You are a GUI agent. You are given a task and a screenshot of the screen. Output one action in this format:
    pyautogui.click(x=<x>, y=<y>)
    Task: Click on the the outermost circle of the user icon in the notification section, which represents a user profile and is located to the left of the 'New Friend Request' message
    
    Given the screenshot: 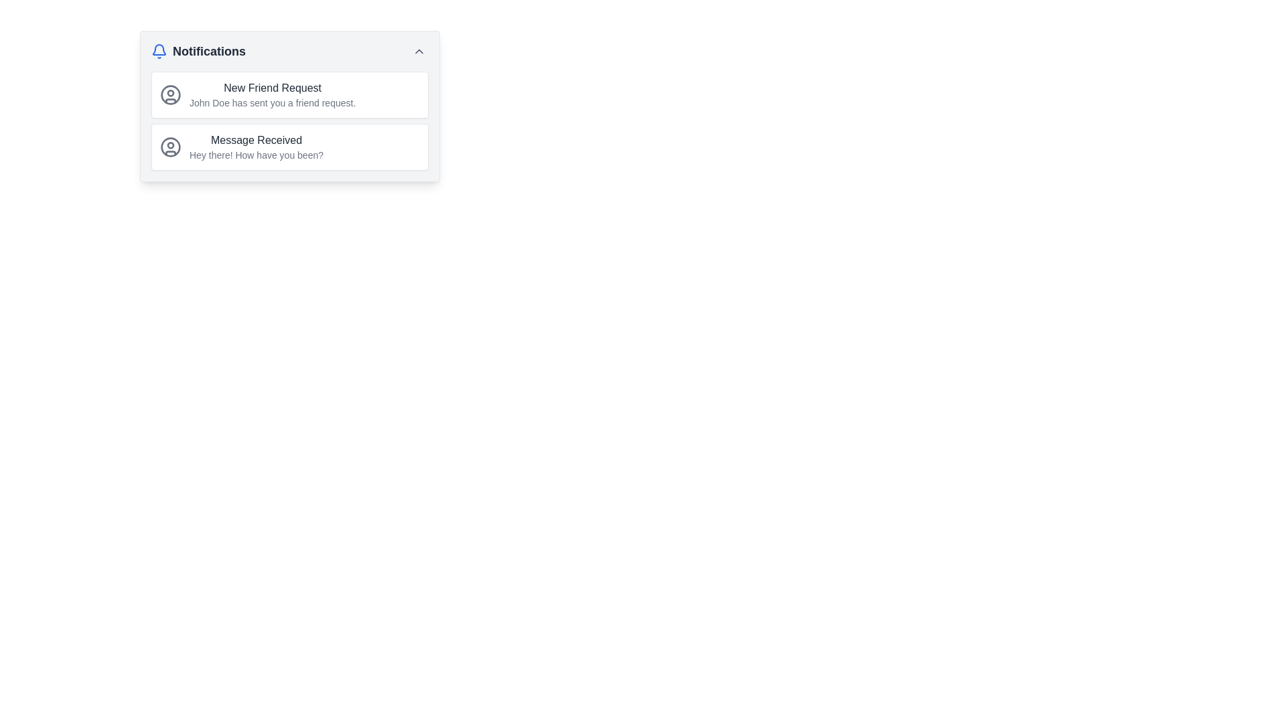 What is the action you would take?
    pyautogui.click(x=169, y=147)
    